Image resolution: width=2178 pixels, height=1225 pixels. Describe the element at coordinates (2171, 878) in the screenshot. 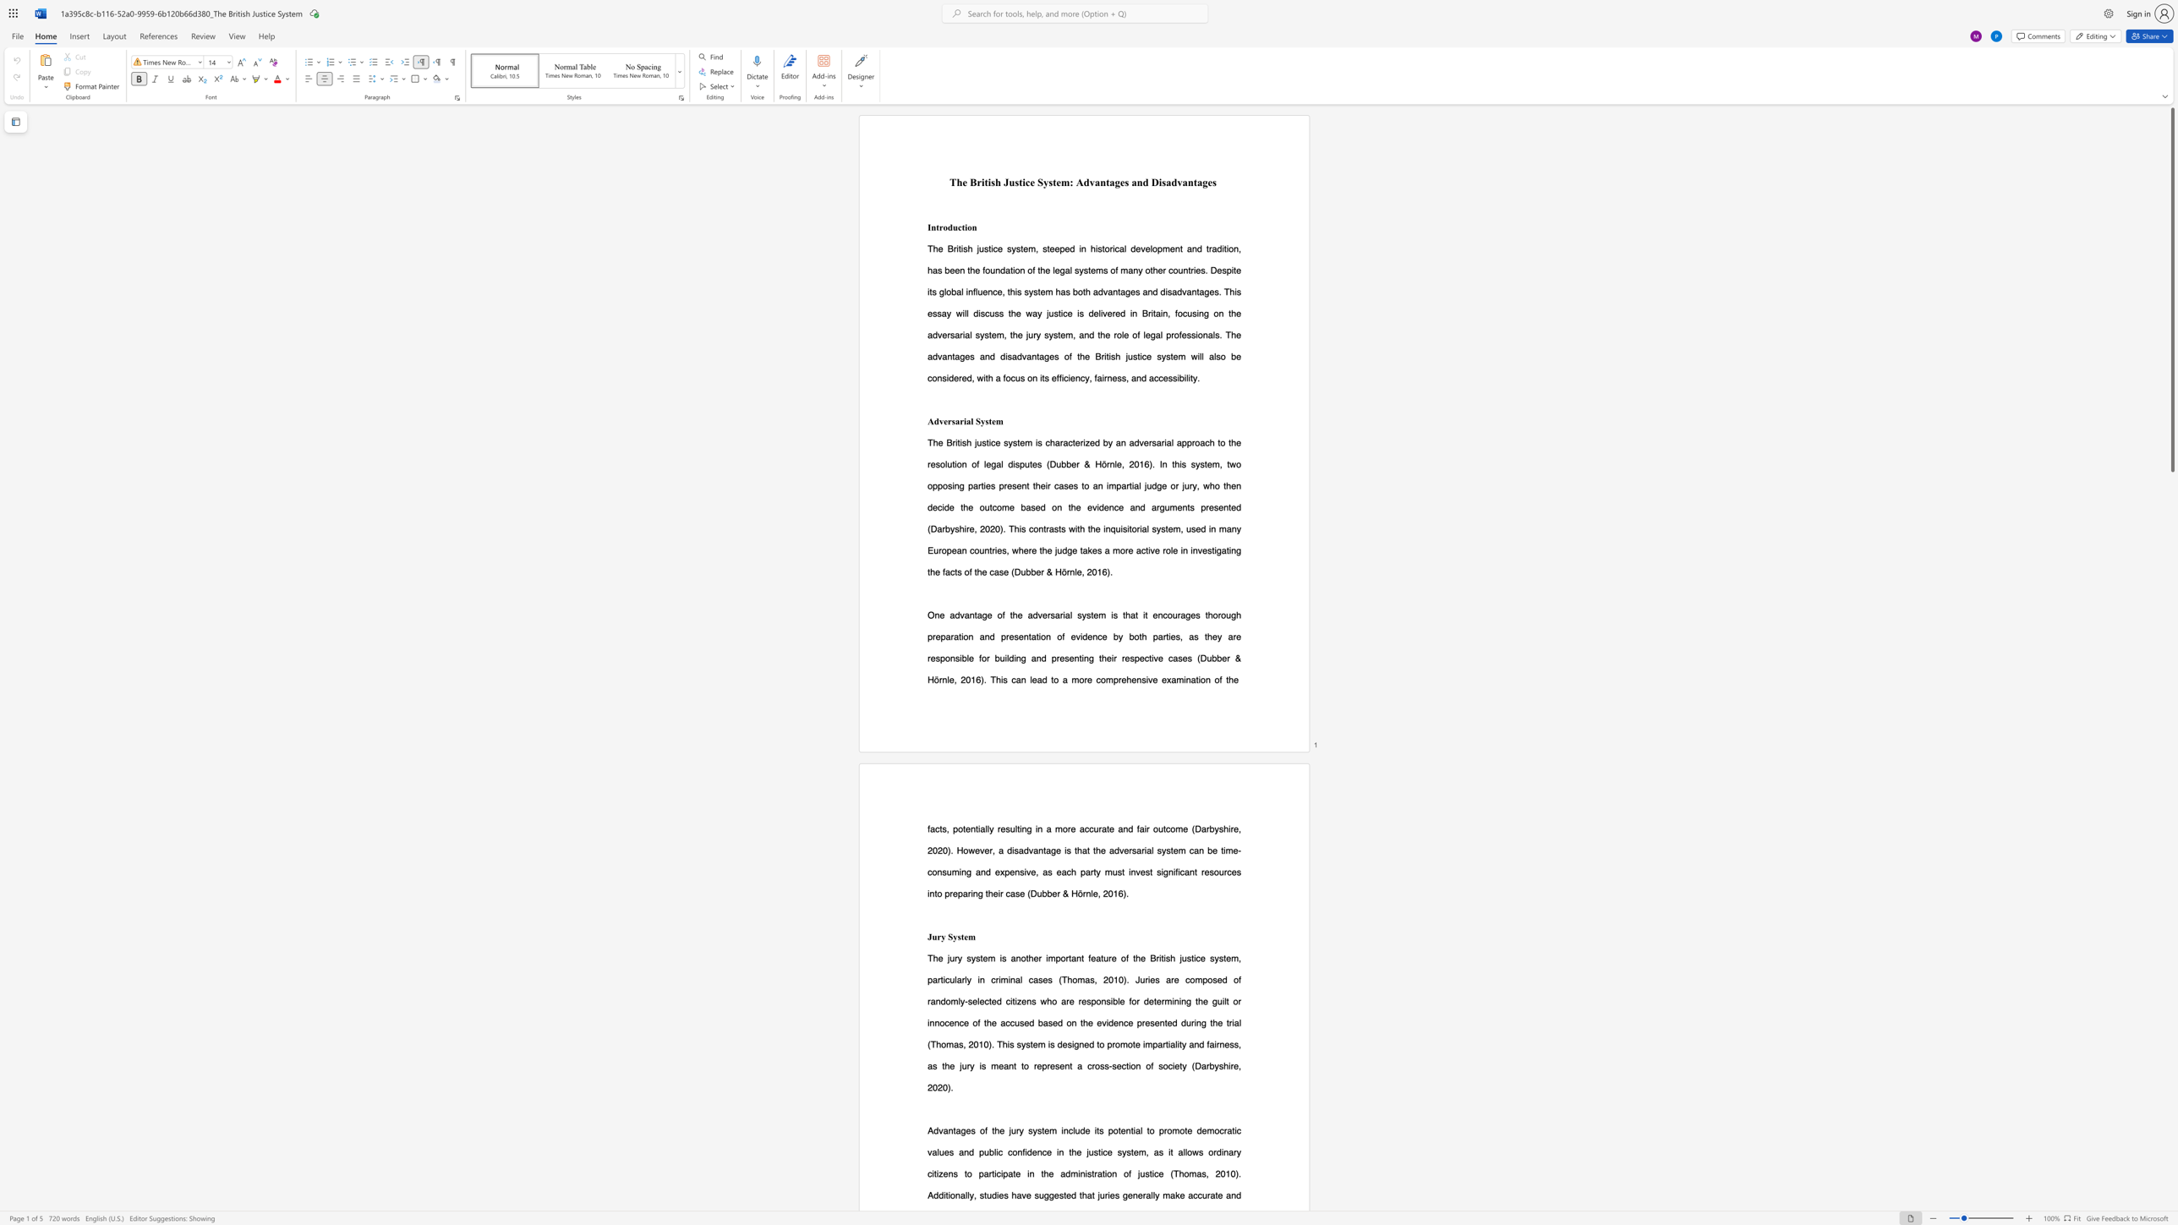

I see `the scrollbar to slide the page down` at that location.